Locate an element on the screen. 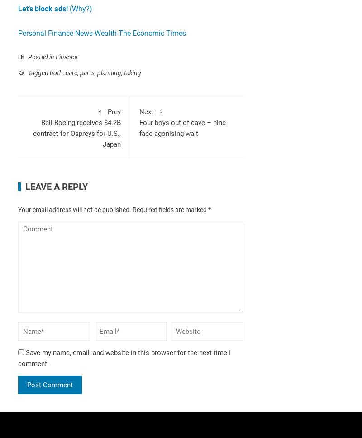 The image size is (362, 438). 'Let’s block ads!' is located at coordinates (18, 9).